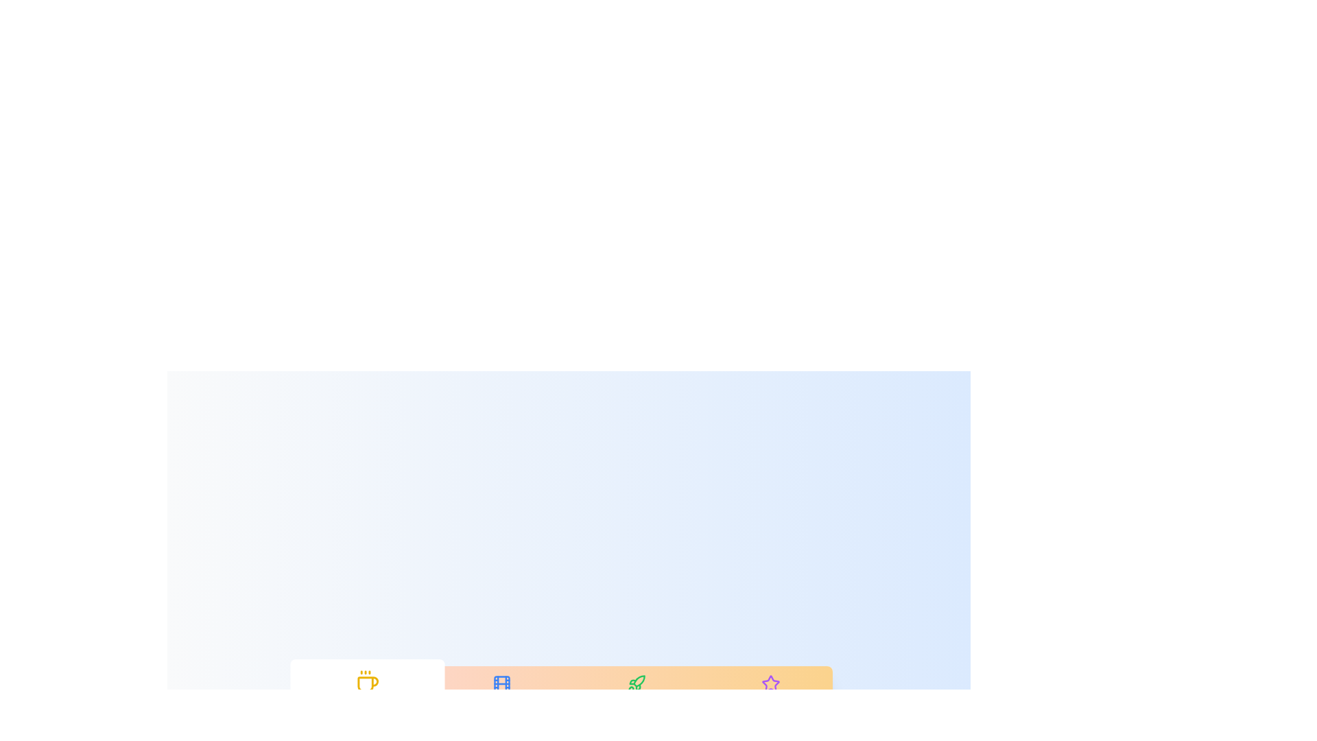  I want to click on the tab labeled Explore to select it, so click(635, 693).